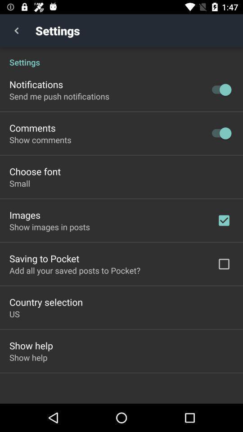 This screenshot has height=432, width=243. What do you see at coordinates (59, 96) in the screenshot?
I see `item below the notifications icon` at bounding box center [59, 96].